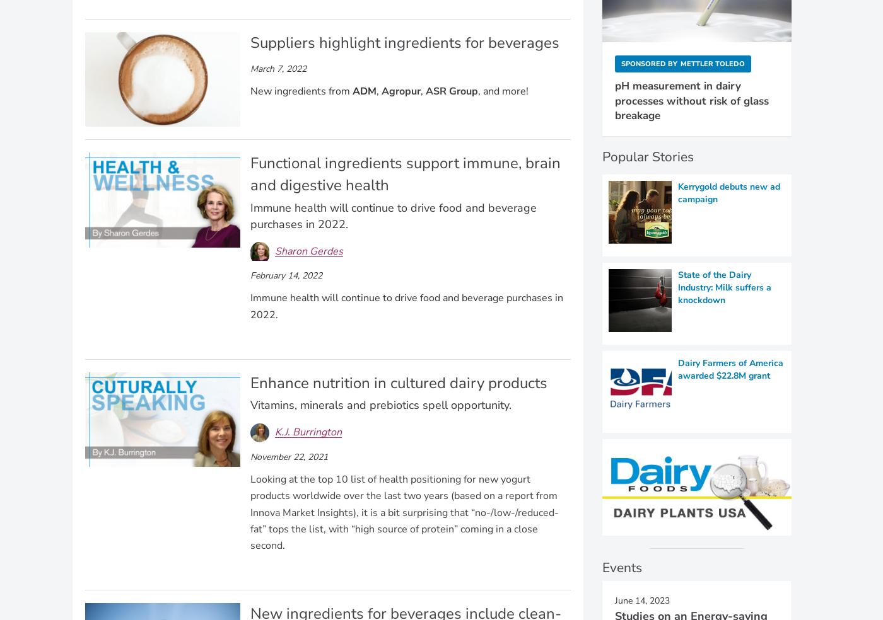 Image resolution: width=883 pixels, height=620 pixels. I want to click on 'Sharon Gerdes', so click(274, 251).